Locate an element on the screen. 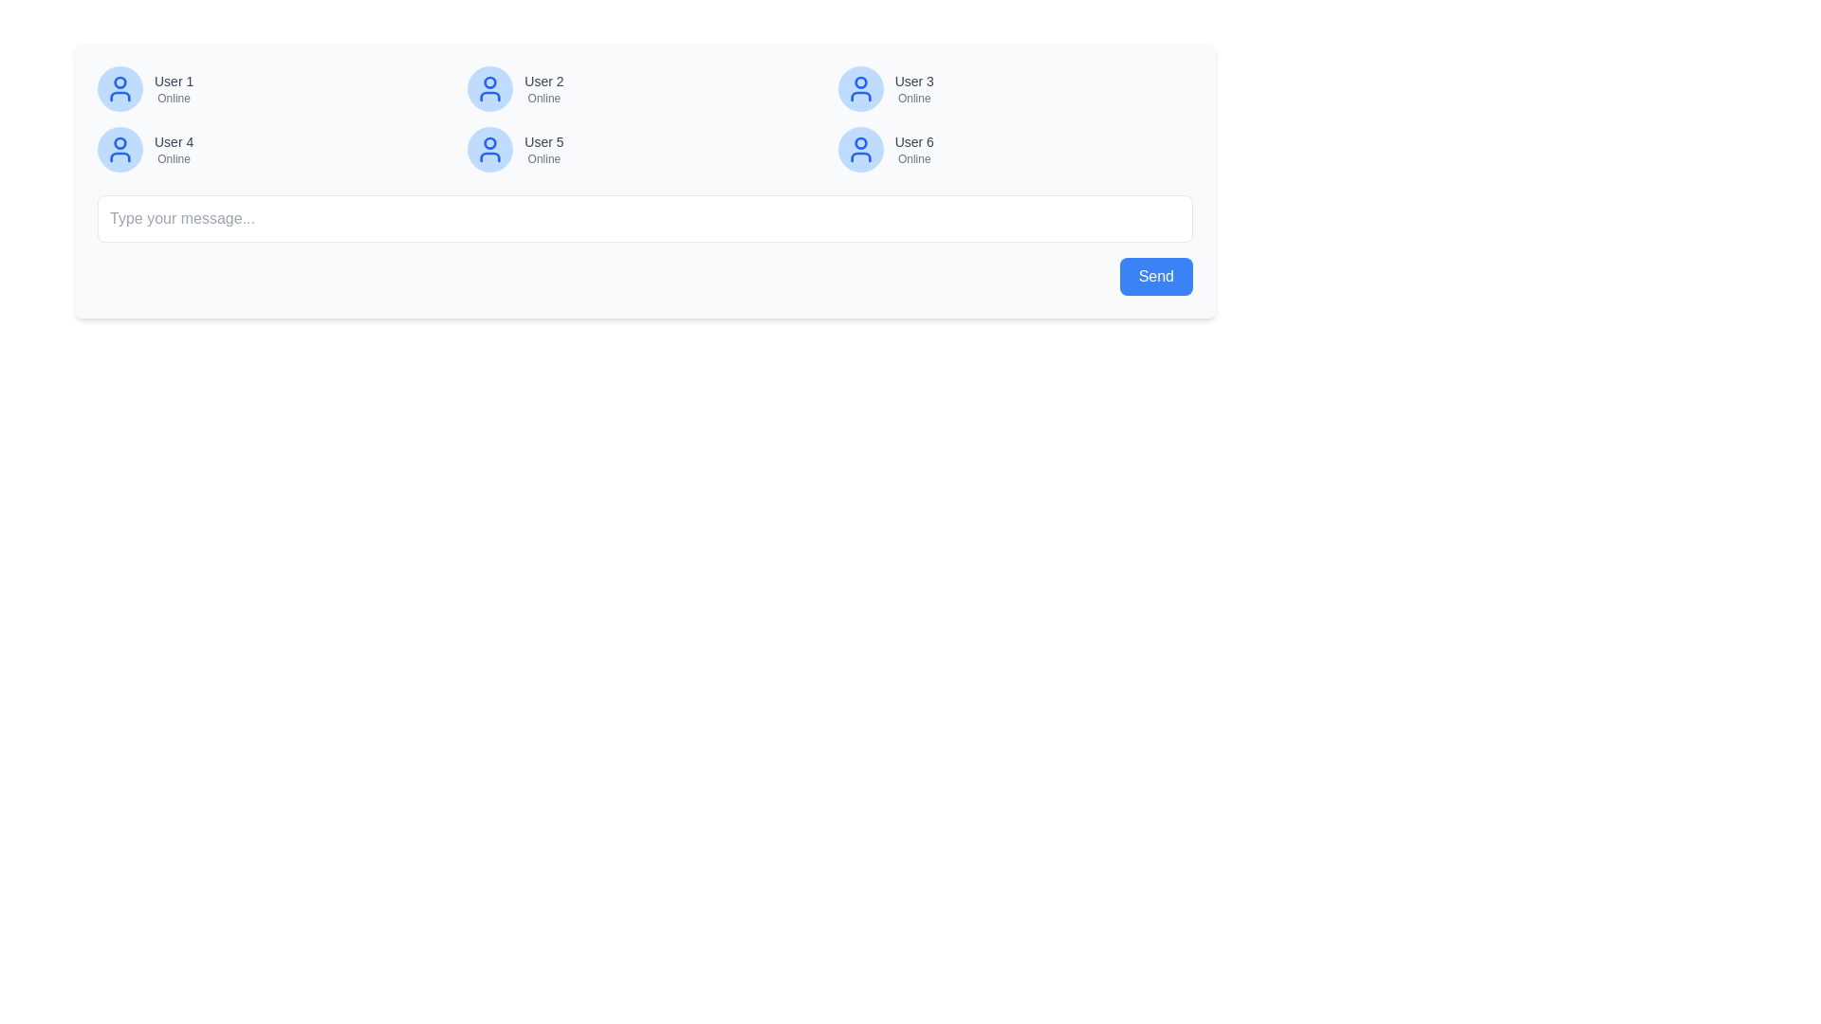 This screenshot has width=1821, height=1024. the 'Online' text label element, which is a small light gray label positioned below the 'User 5' text in the user list is located at coordinates (543, 158).